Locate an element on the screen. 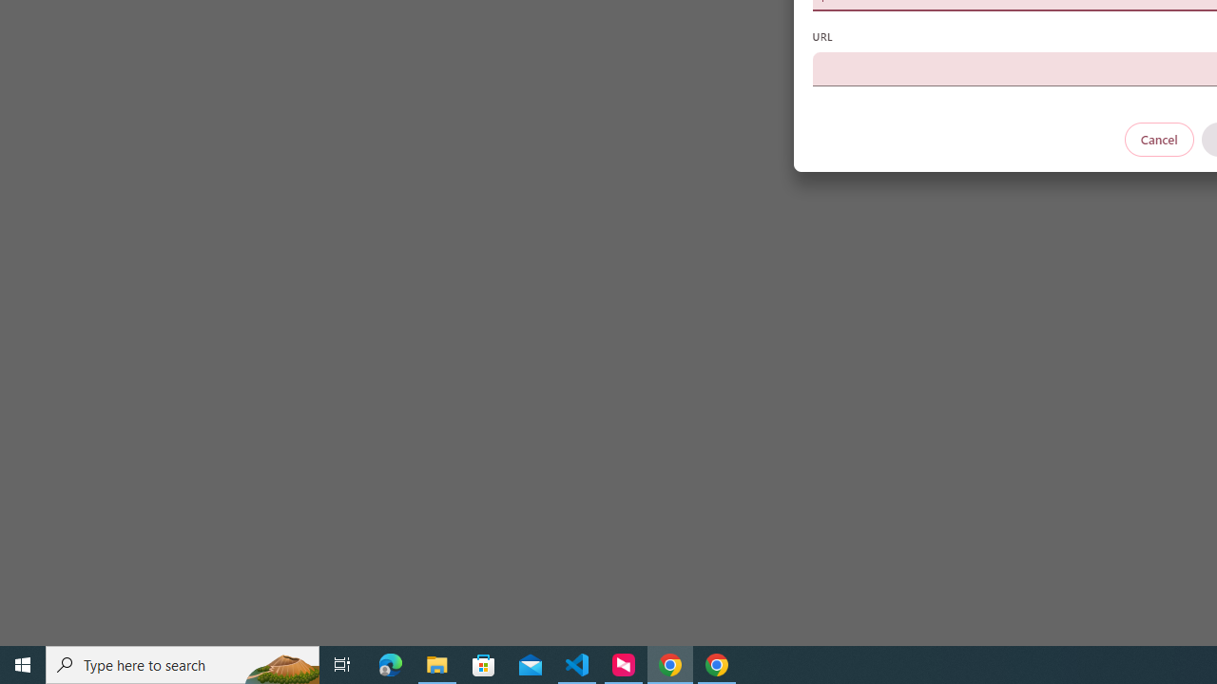  'Cancel' is located at coordinates (1157, 138).